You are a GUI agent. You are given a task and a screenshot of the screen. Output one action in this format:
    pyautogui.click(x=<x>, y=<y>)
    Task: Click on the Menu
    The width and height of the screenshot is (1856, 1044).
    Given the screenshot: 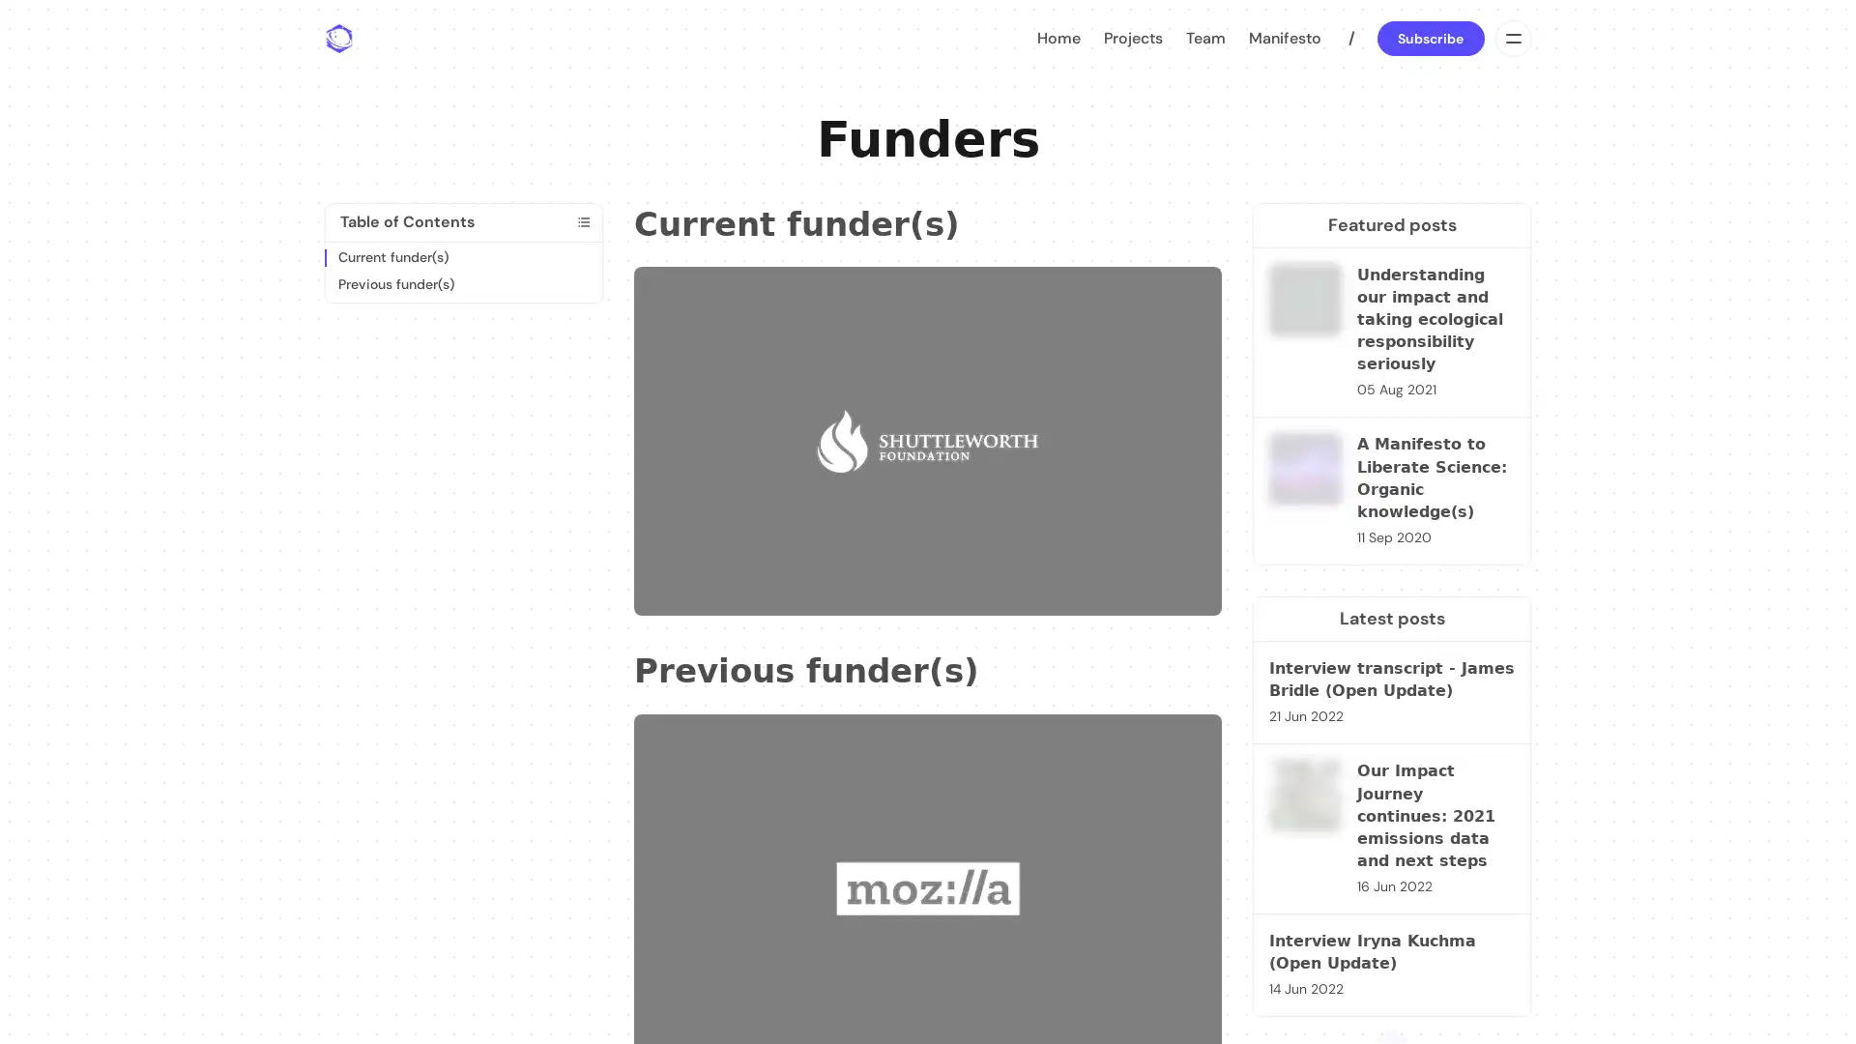 What is the action you would take?
    pyautogui.click(x=1511, y=38)
    